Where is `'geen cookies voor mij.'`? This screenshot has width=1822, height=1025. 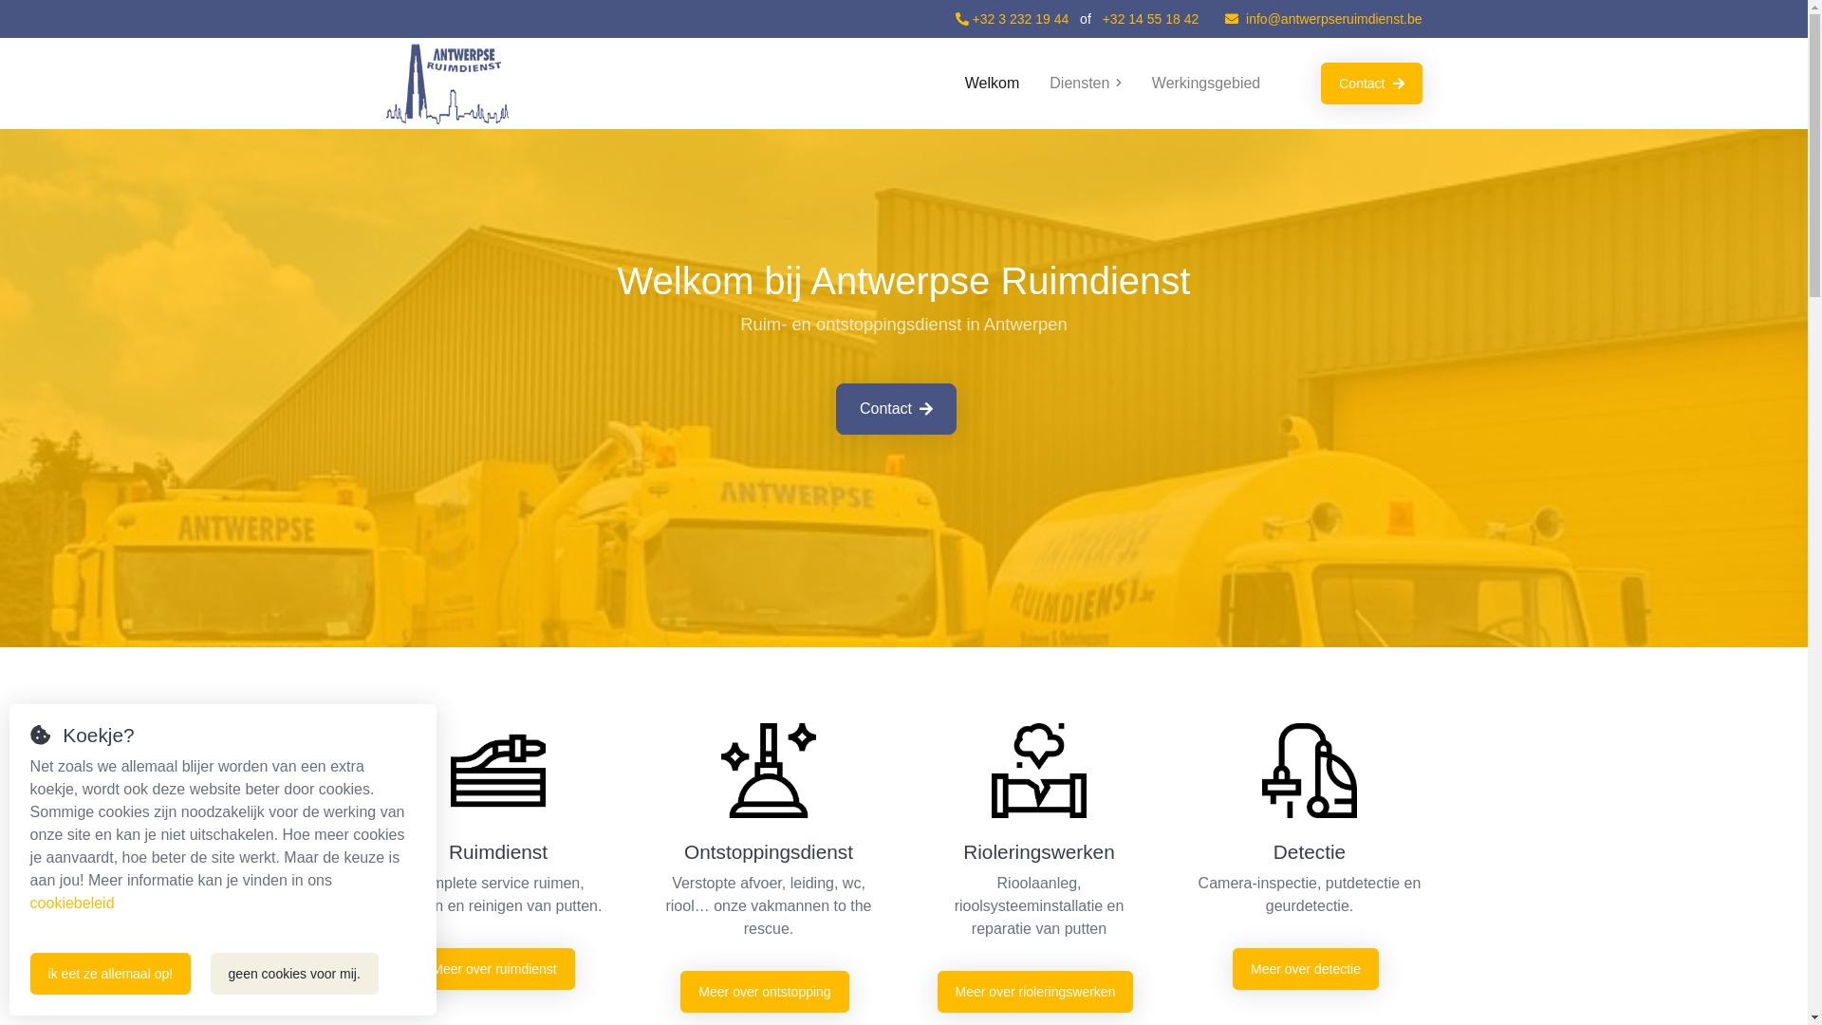 'geen cookies voor mij.' is located at coordinates (293, 974).